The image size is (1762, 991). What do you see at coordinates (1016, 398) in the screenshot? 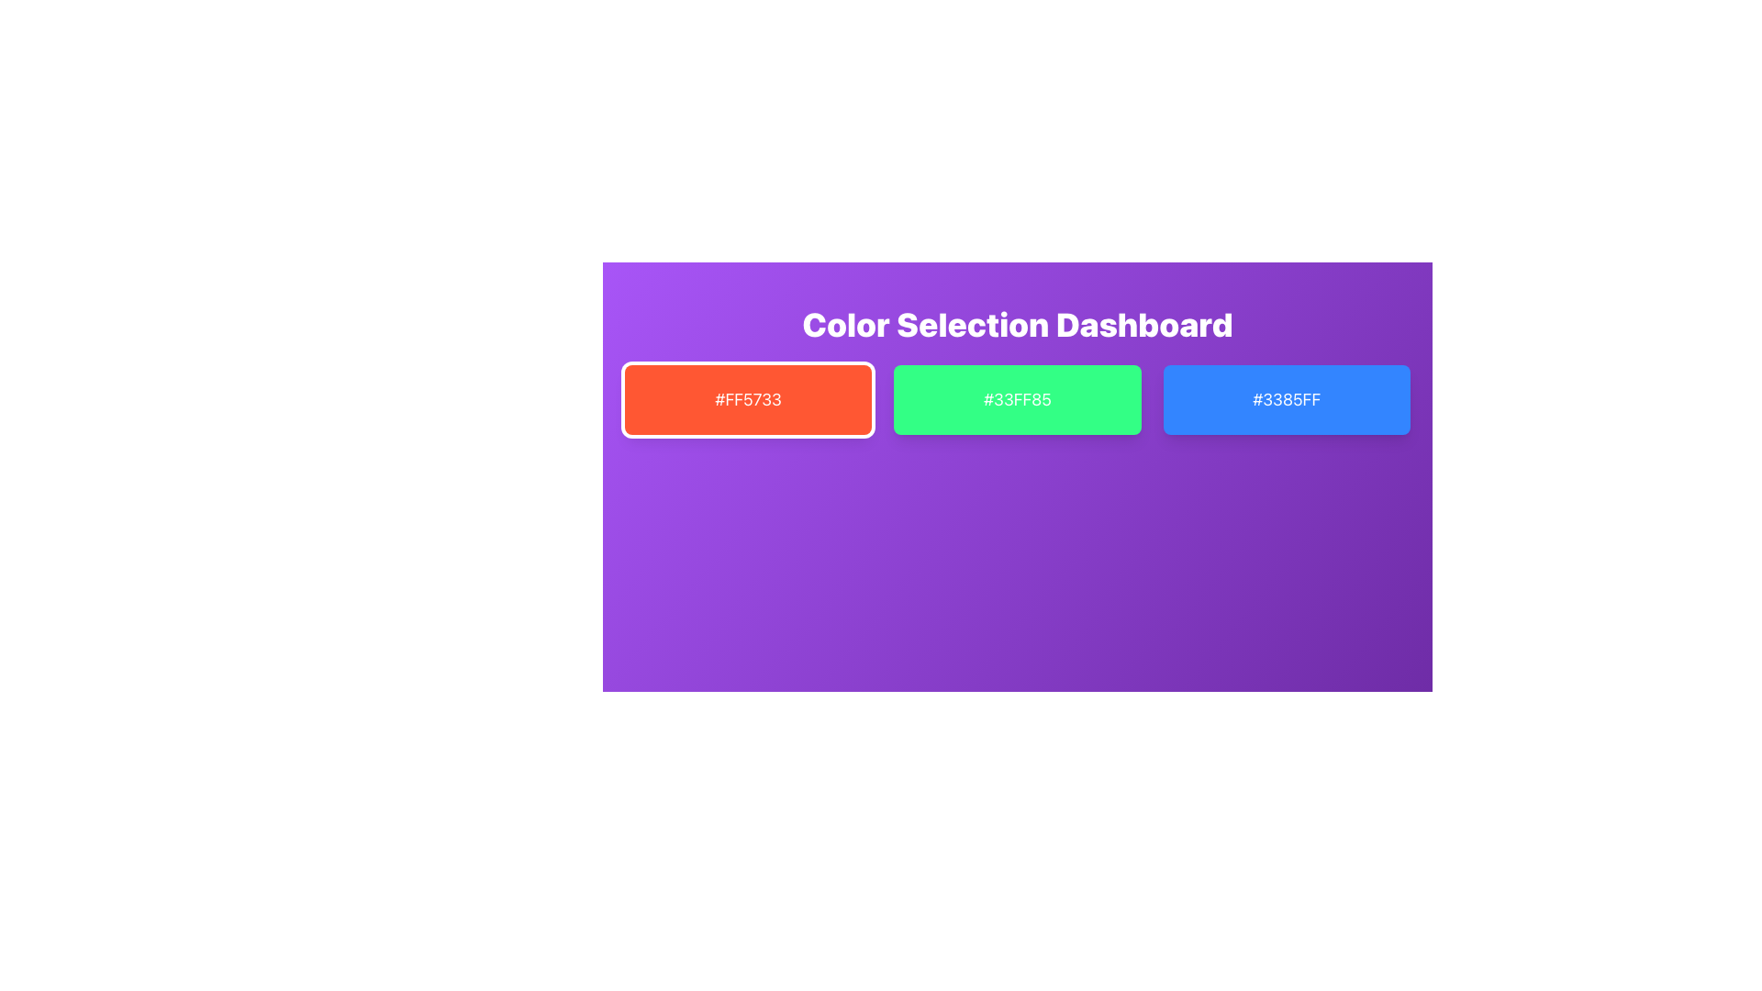
I see `the text label displaying the string '#33FF85' in bold white font against a bright green background, located in the center of the second colored box from the left` at bounding box center [1016, 398].